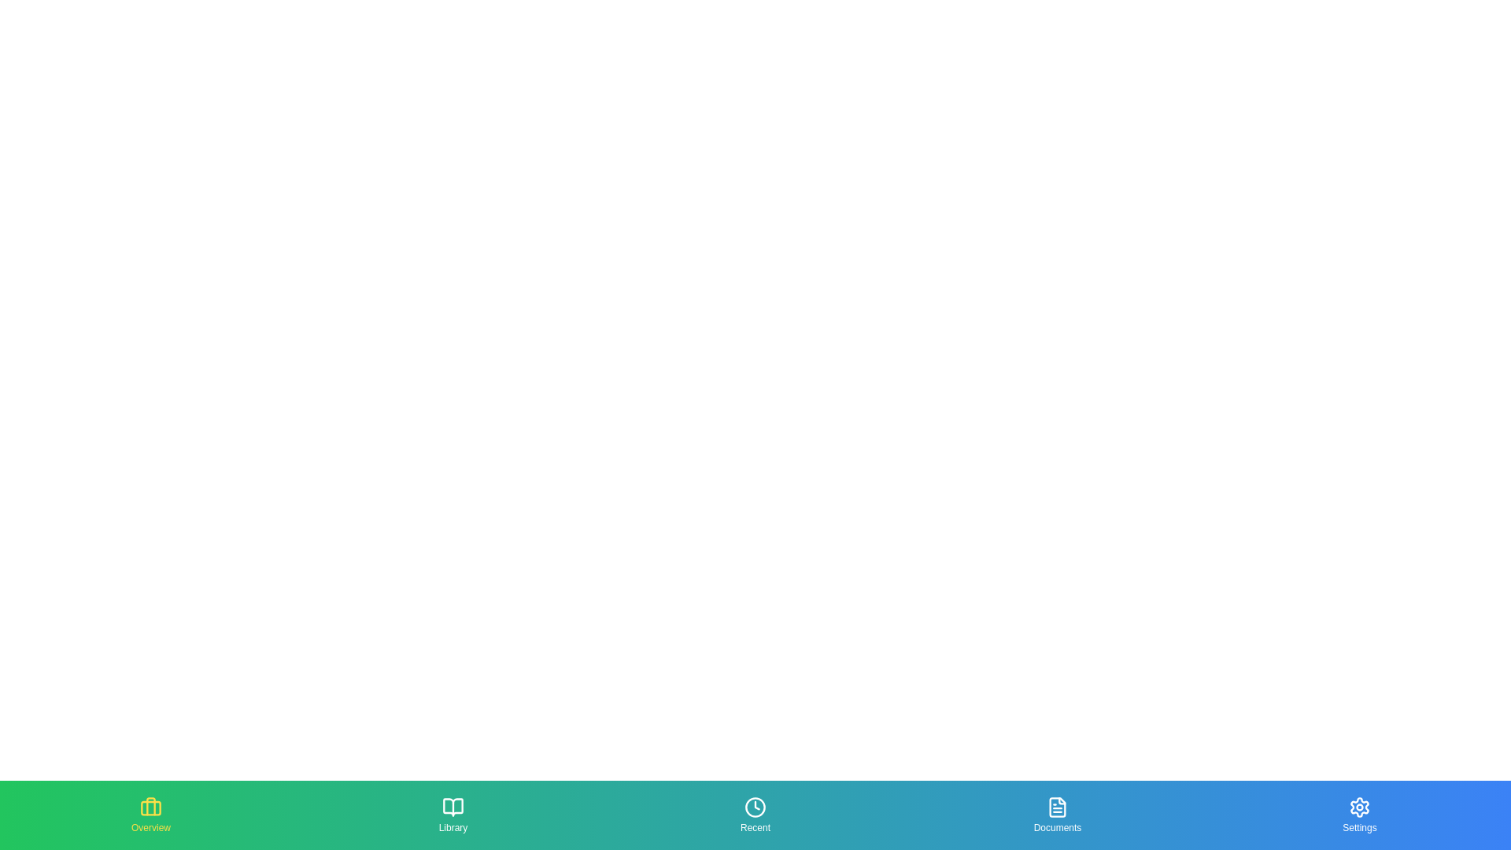  I want to click on the section button corresponding to Overview, so click(150, 815).